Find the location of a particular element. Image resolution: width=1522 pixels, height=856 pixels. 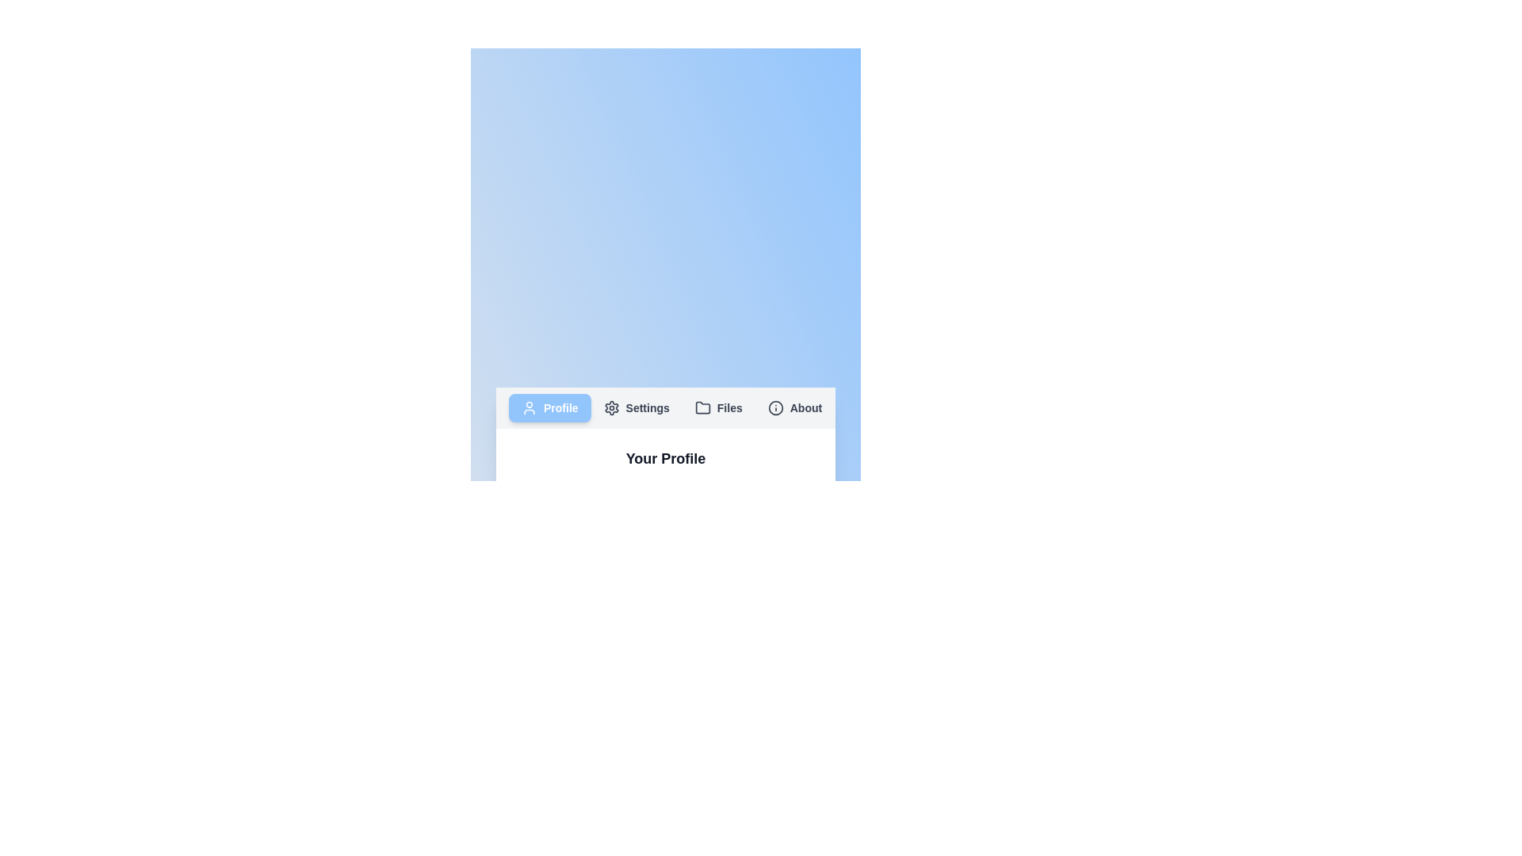

the Profile button in the bottom center navigation menu is located at coordinates (549, 407).